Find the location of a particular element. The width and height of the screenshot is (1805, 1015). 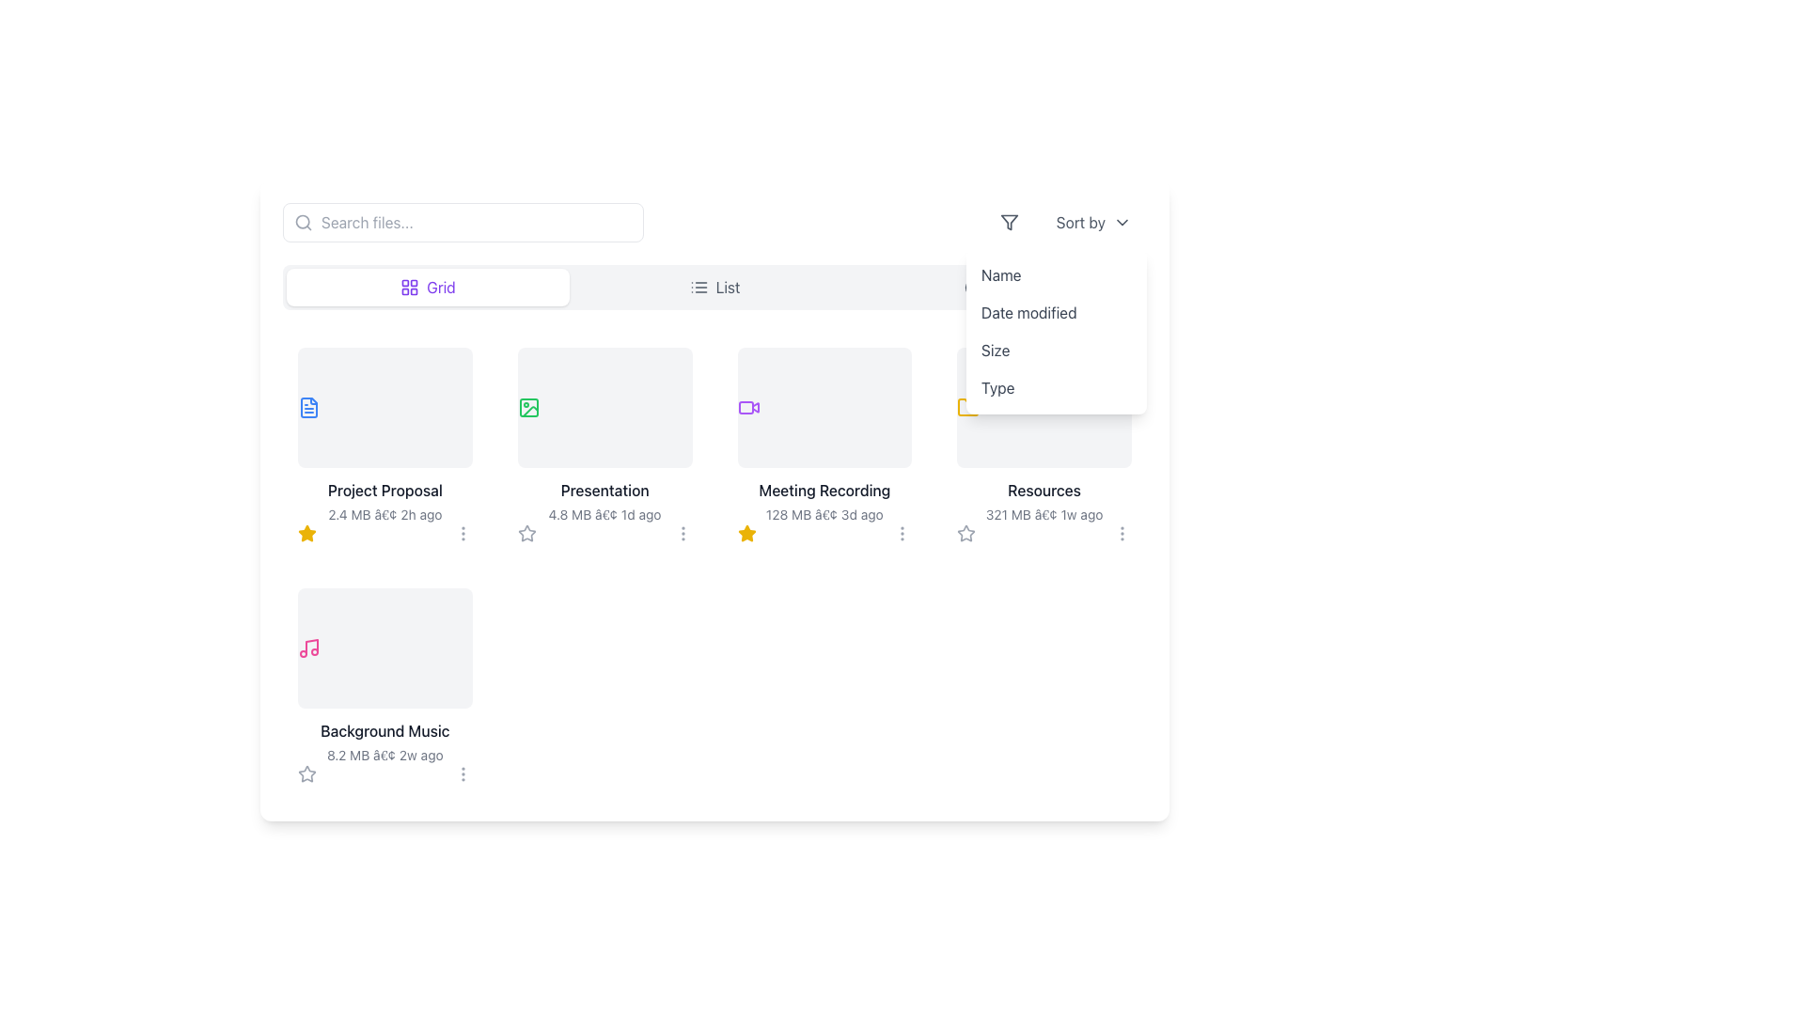

the 'Date modified' option in the sorting dropdown menu located in the upper-right section of the interface is located at coordinates (1056, 331).